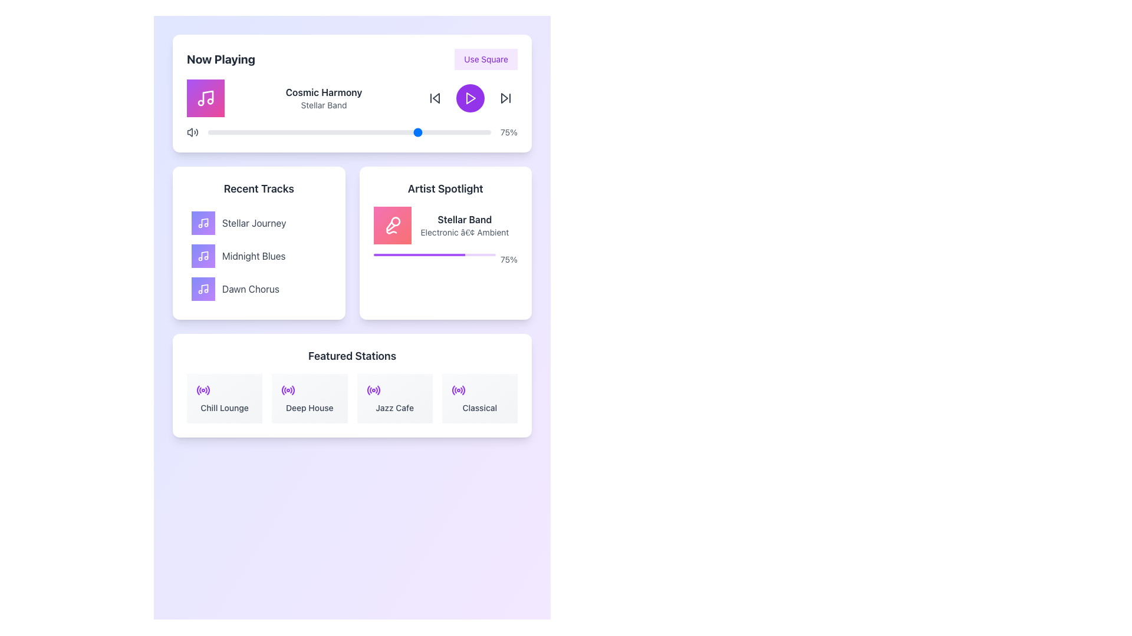  I want to click on the slider, so click(231, 132).